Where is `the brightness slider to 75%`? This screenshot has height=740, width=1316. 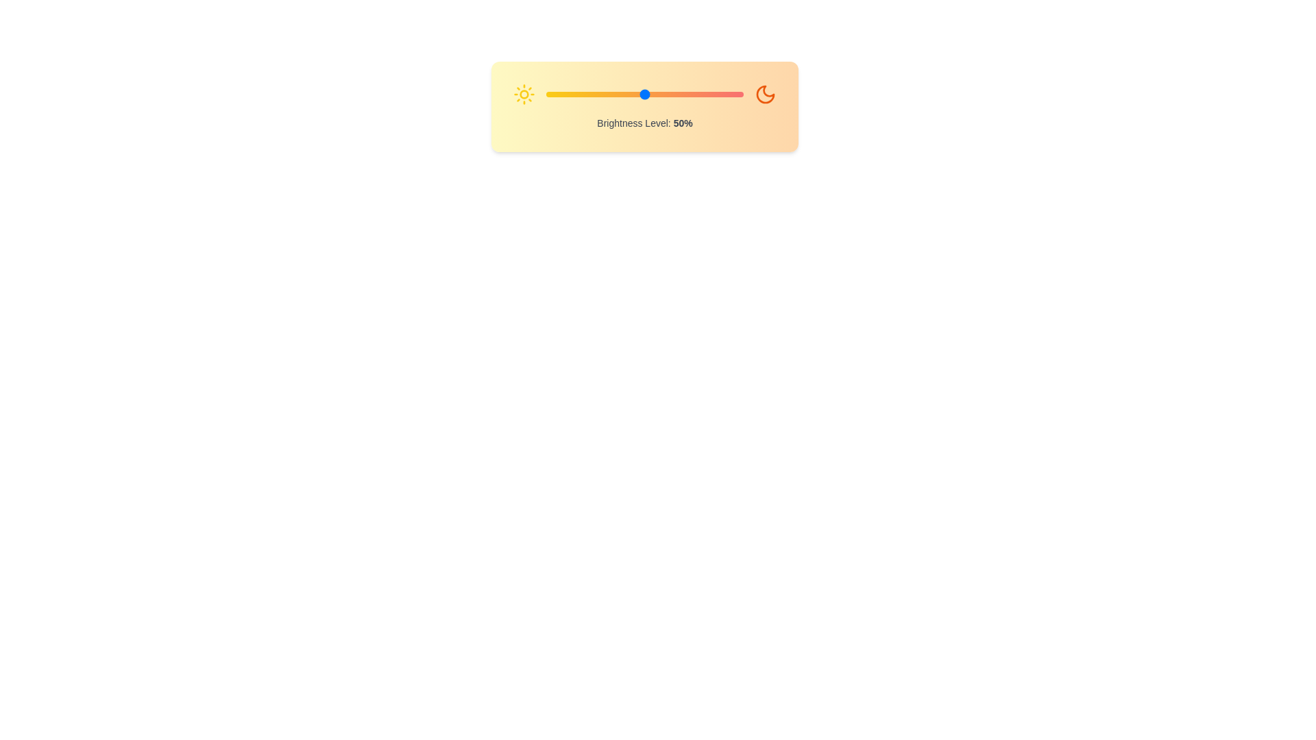 the brightness slider to 75% is located at coordinates (694, 94).